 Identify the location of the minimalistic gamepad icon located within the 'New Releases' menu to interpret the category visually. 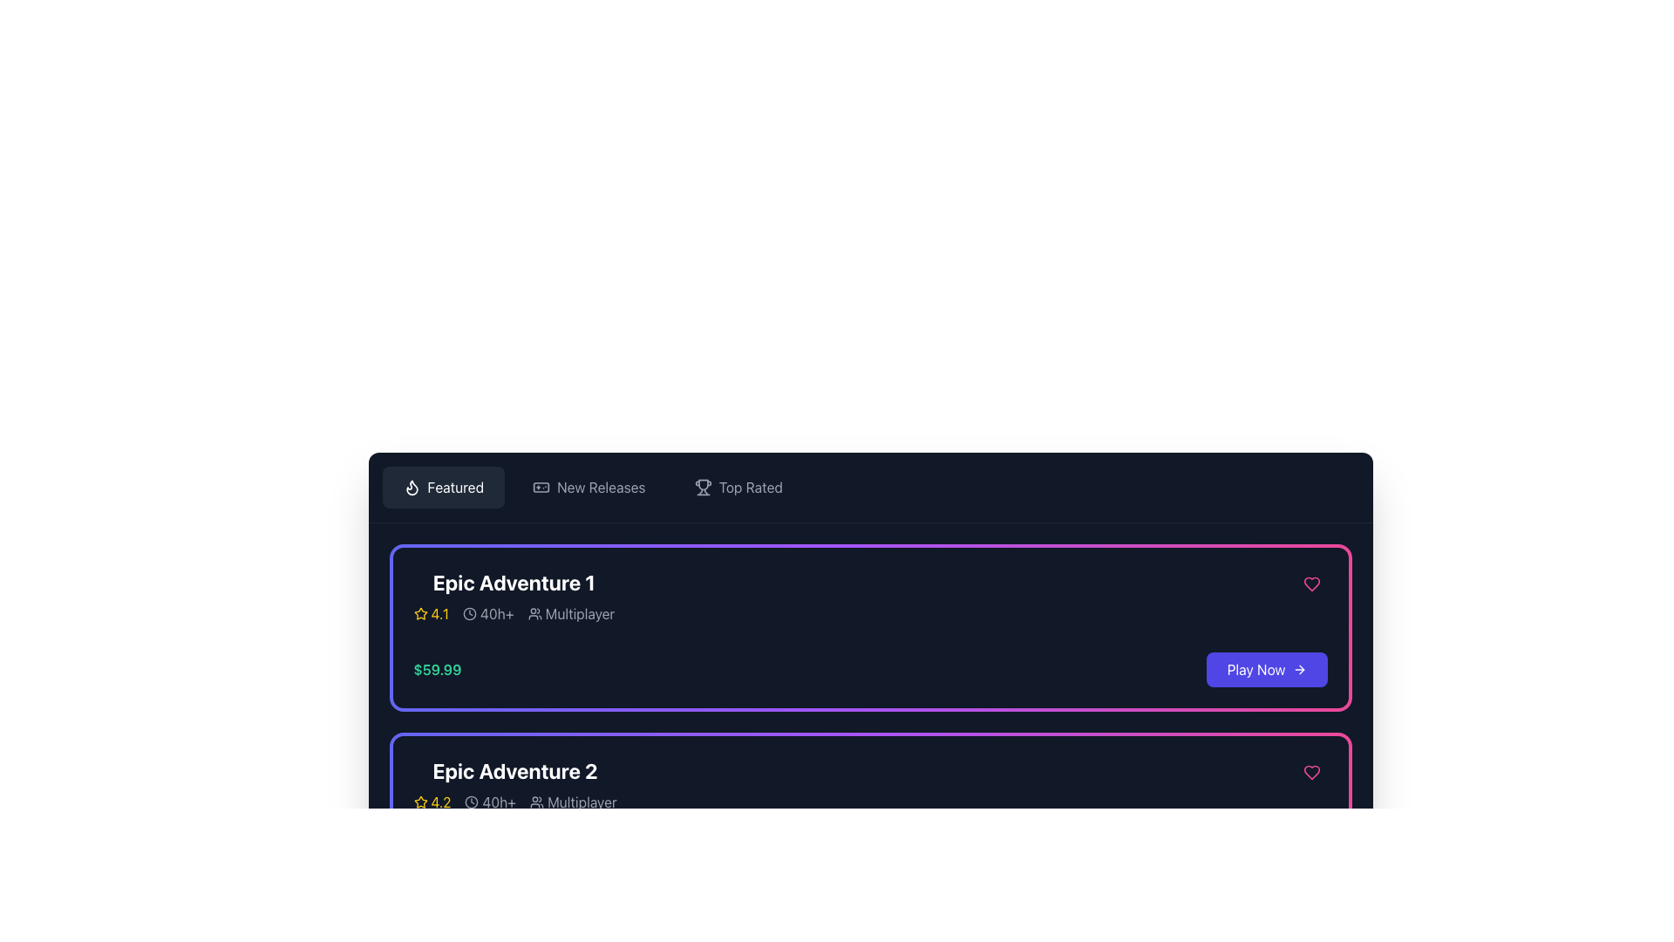
(541, 488).